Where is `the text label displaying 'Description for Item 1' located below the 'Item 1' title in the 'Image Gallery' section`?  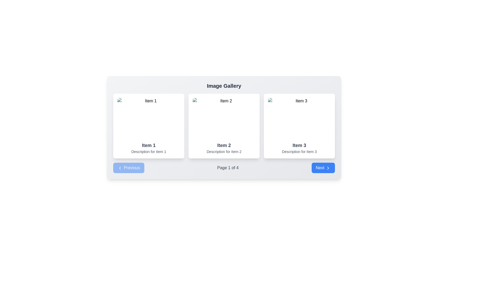 the text label displaying 'Description for Item 1' located below the 'Item 1' title in the 'Image Gallery' section is located at coordinates (149, 152).